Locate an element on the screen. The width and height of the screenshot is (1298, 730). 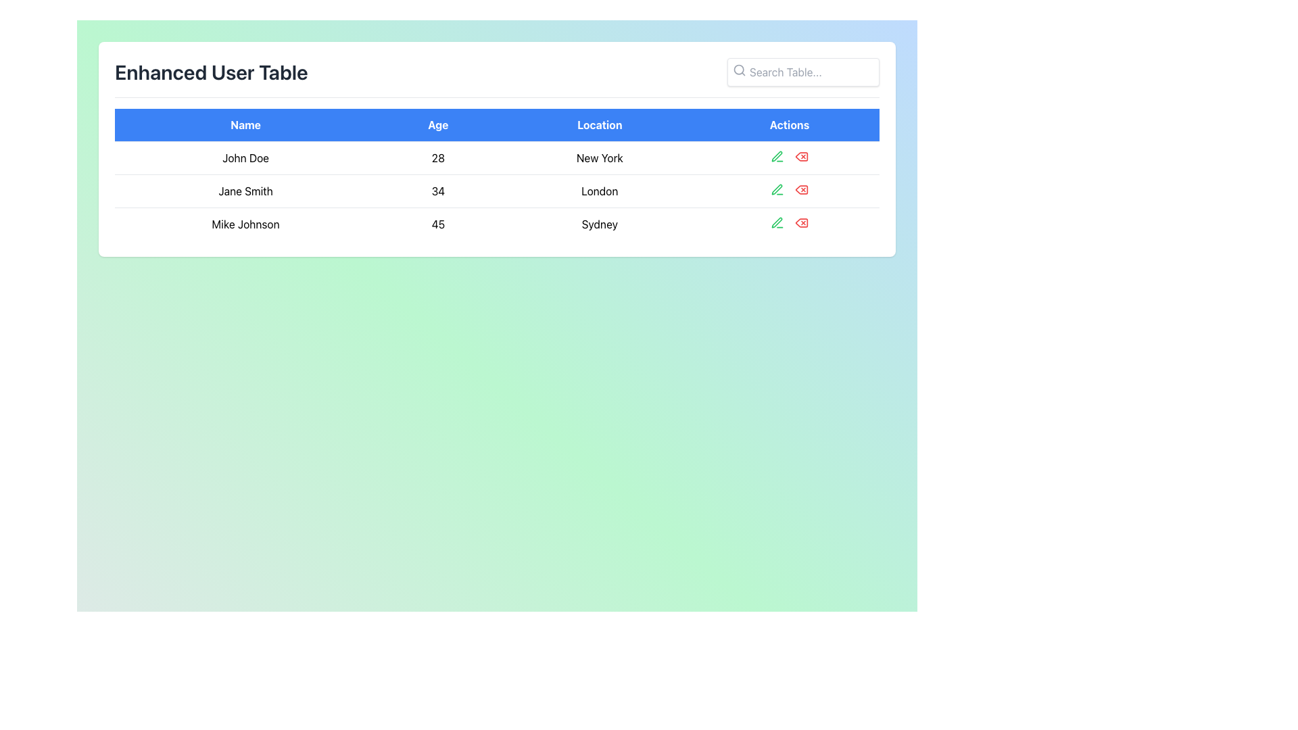
the delete button in the Actions column for the 'Jane Smith' entry in the table, located in the second row is located at coordinates (789, 190).